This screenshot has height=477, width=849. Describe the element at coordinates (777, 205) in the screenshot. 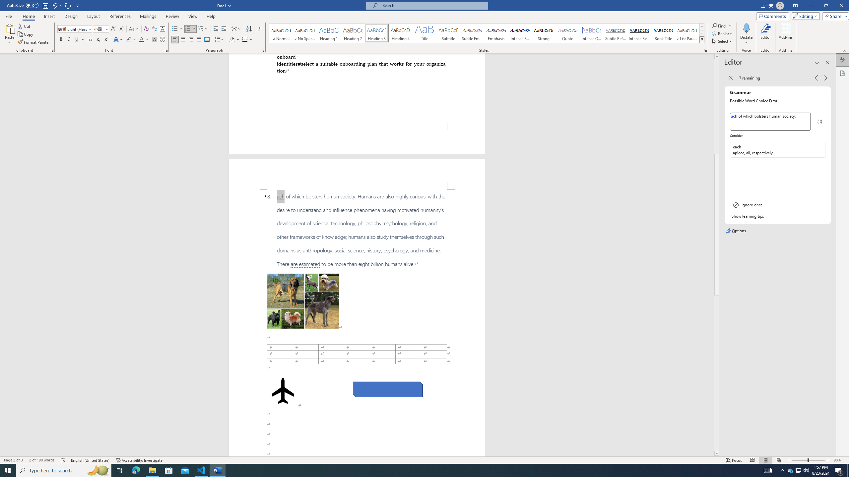

I see `'Ignore once'` at that location.